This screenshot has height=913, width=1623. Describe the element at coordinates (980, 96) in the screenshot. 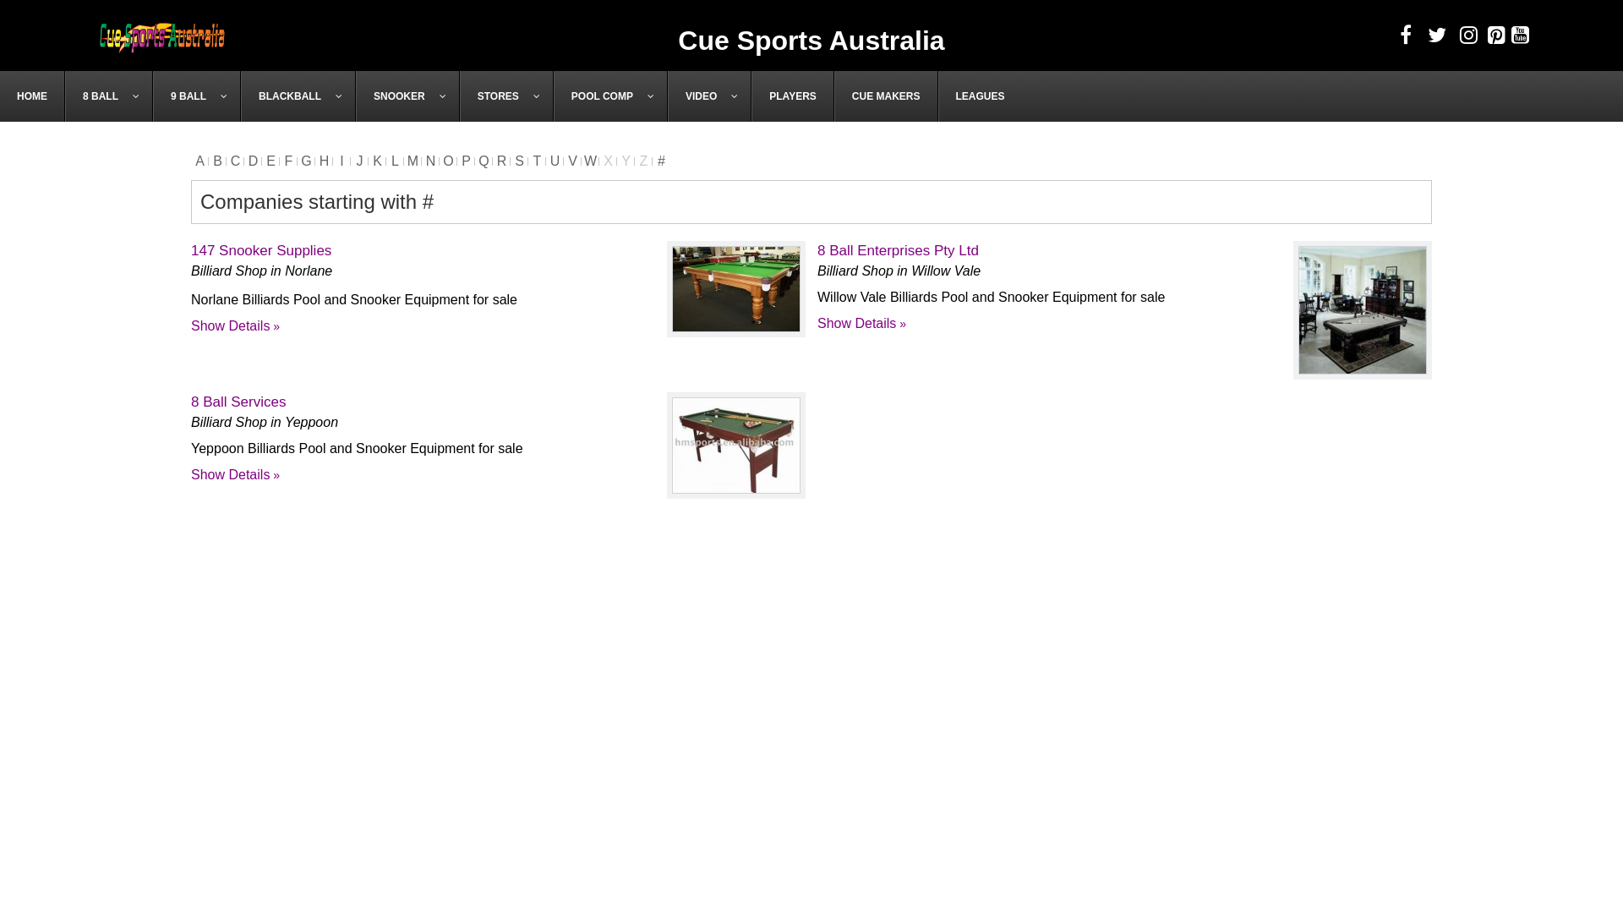

I see `'LEAGUES'` at that location.